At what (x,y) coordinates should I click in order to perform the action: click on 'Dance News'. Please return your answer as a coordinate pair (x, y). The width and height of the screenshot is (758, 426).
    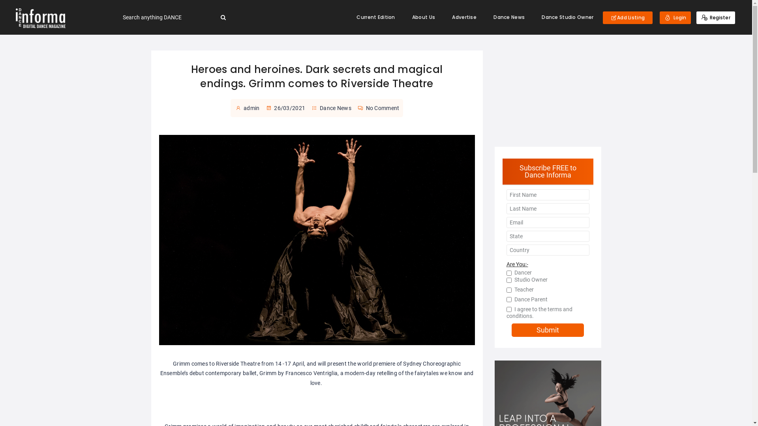
    Looking at the image, I should click on (335, 108).